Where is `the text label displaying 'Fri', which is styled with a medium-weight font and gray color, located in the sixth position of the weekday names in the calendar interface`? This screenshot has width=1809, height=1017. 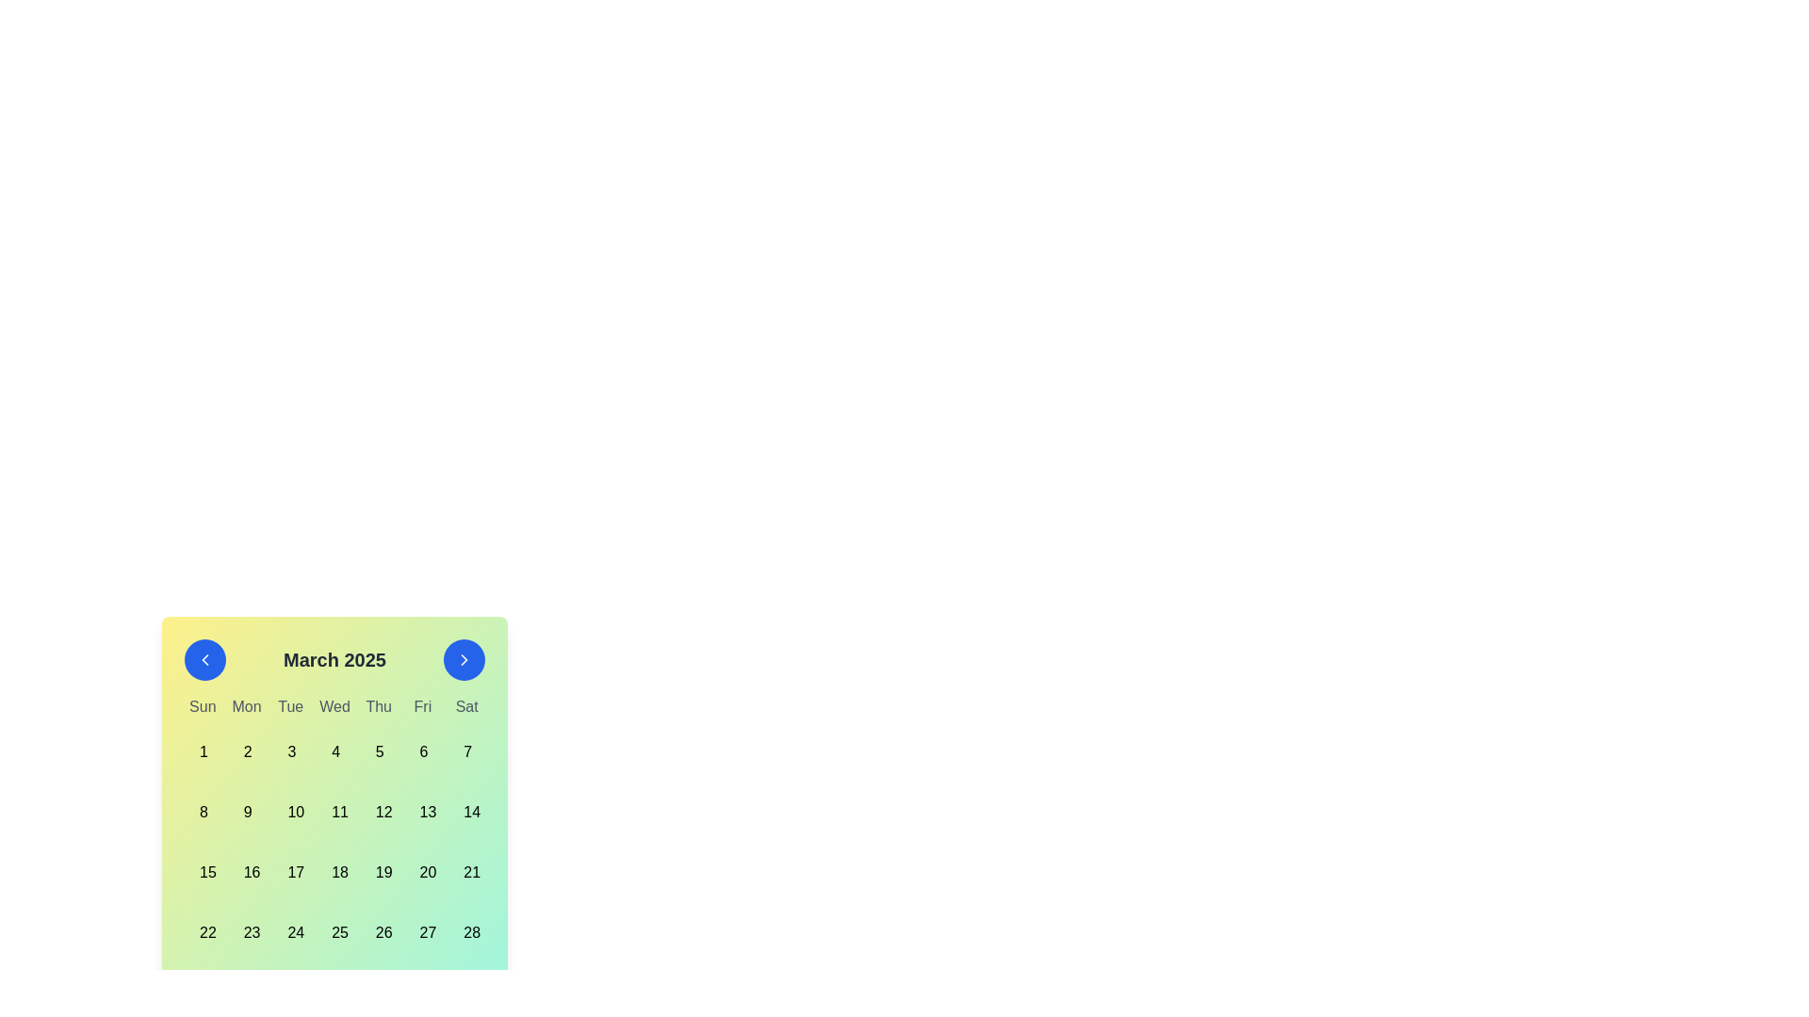 the text label displaying 'Fri', which is styled with a medium-weight font and gray color, located in the sixth position of the weekday names in the calendar interface is located at coordinates (421, 707).